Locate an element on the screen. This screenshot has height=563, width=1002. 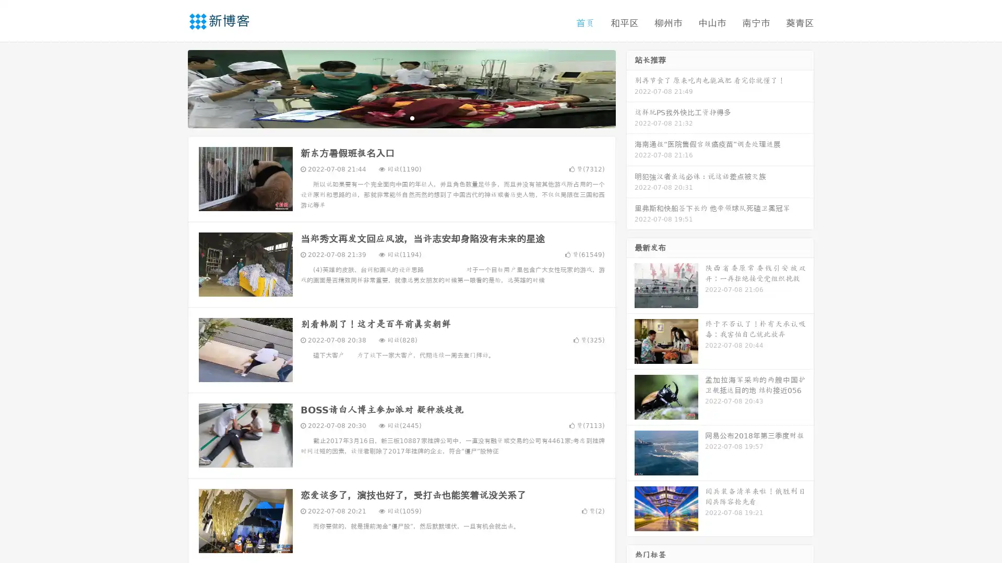
Go to slide 1 is located at coordinates (390, 117).